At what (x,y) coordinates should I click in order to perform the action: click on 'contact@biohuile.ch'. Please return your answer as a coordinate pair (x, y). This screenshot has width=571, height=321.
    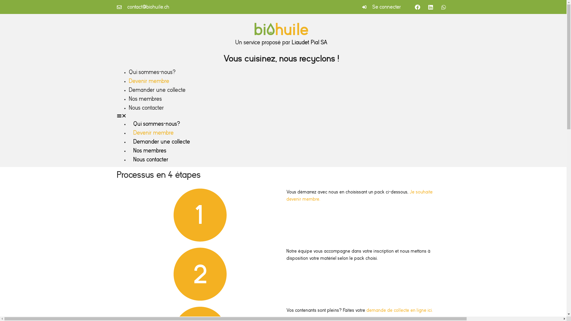
    Looking at the image, I should click on (143, 7).